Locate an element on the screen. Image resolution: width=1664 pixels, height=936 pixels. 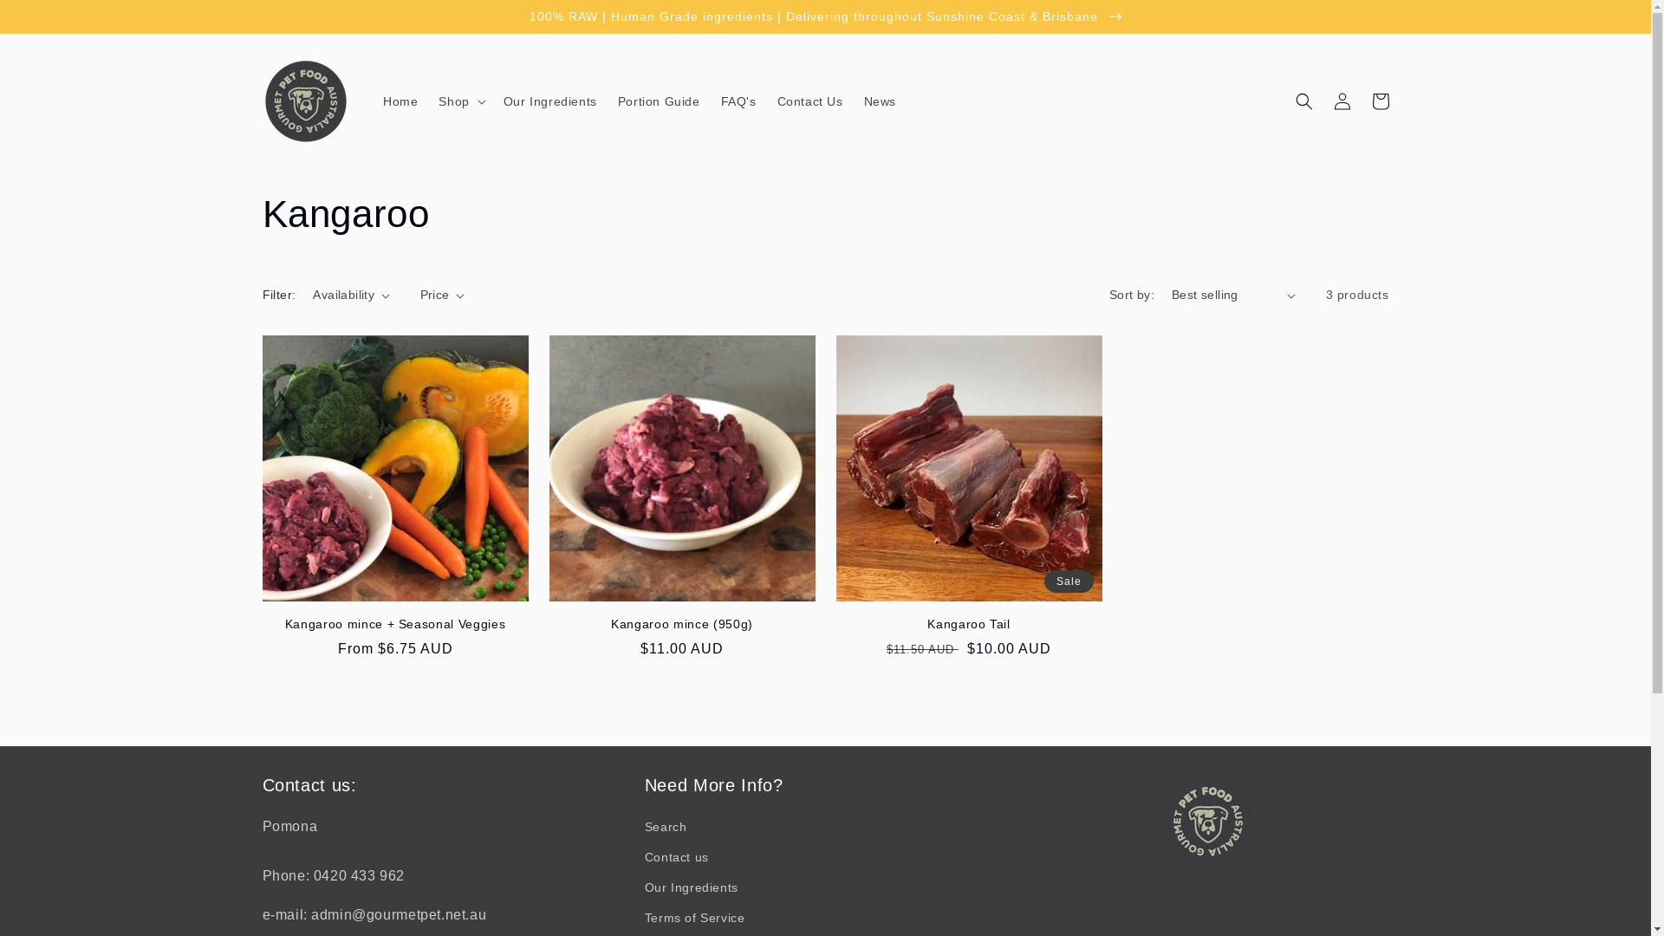
'Contact us' is located at coordinates (676, 856).